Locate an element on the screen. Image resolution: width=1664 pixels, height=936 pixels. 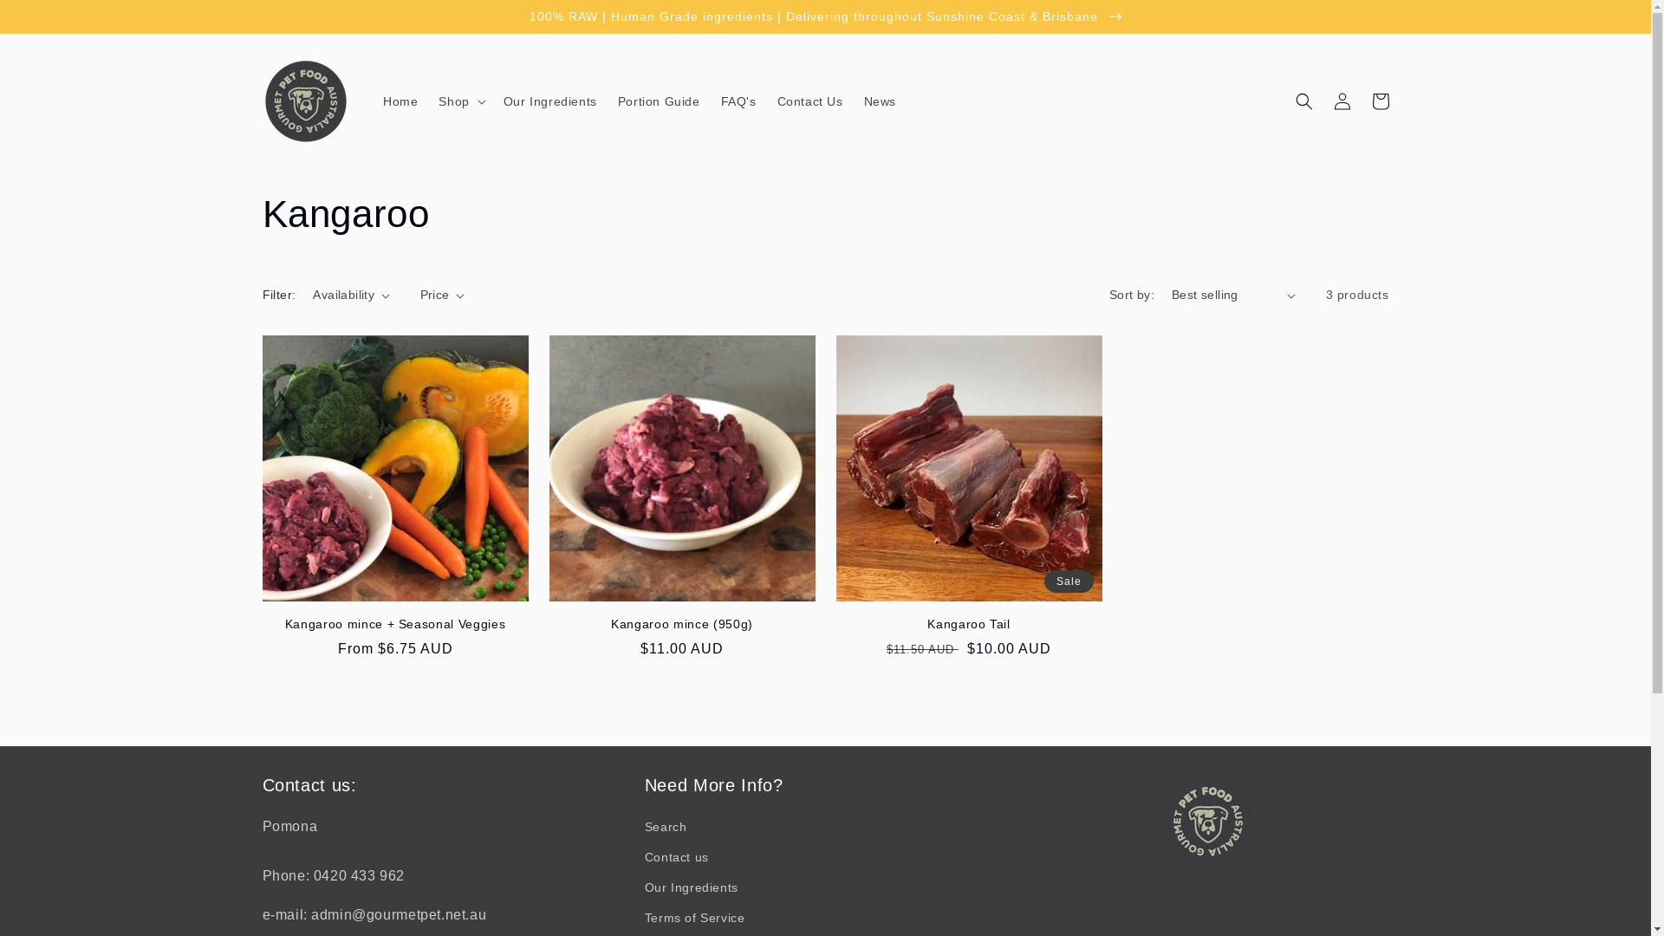
'Contact us' is located at coordinates (676, 856).